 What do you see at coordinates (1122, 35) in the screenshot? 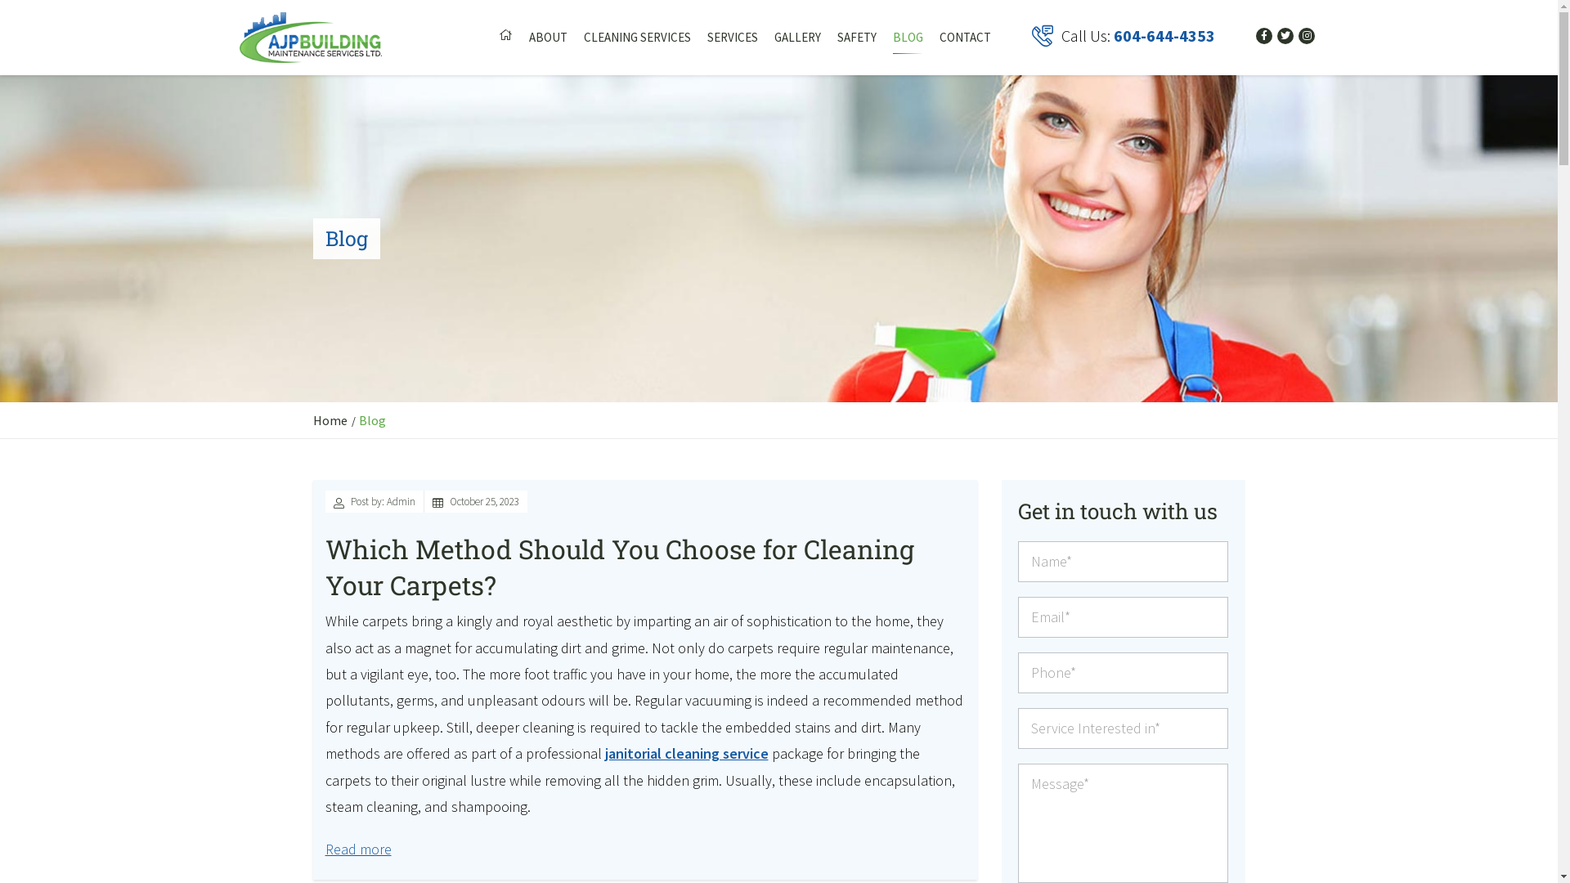
I see `'Call Us: 604-644-4353'` at bounding box center [1122, 35].